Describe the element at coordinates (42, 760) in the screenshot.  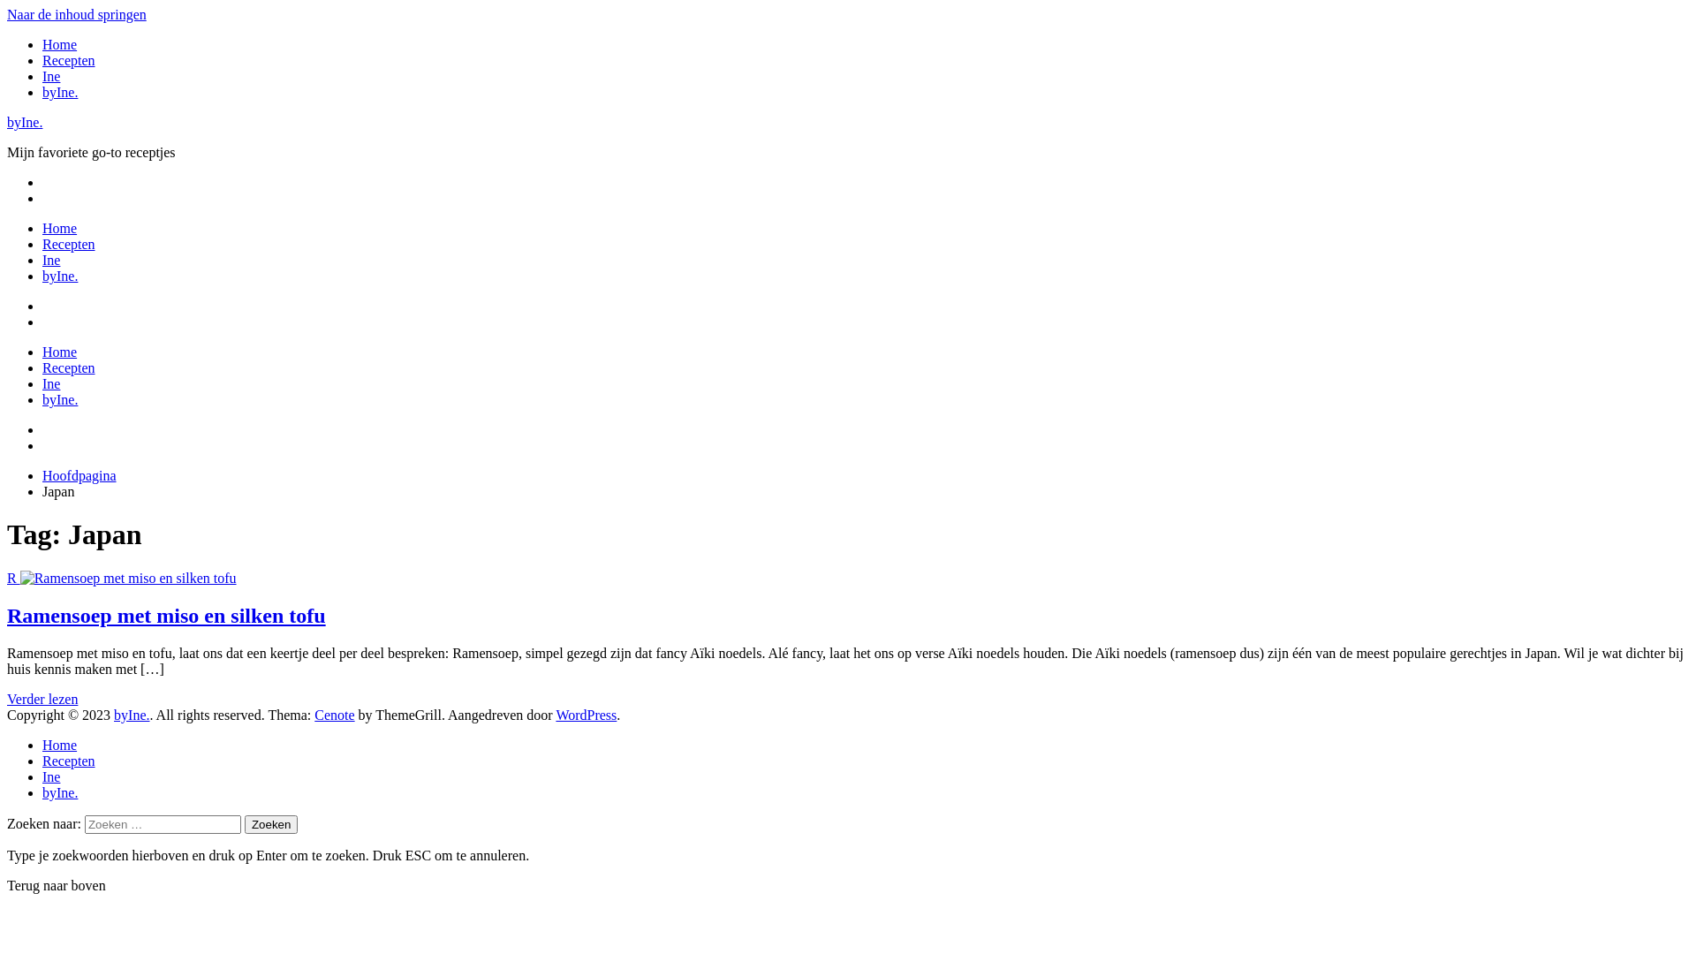
I see `'Recepten'` at that location.